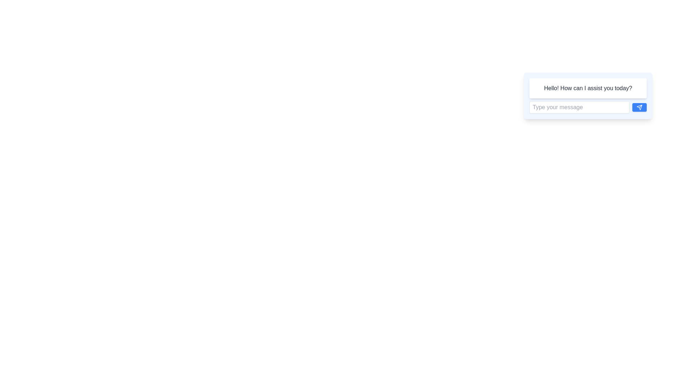  I want to click on the text input field that has a placeholder reading 'Type your message' to trigger visual feedback, so click(579, 107).